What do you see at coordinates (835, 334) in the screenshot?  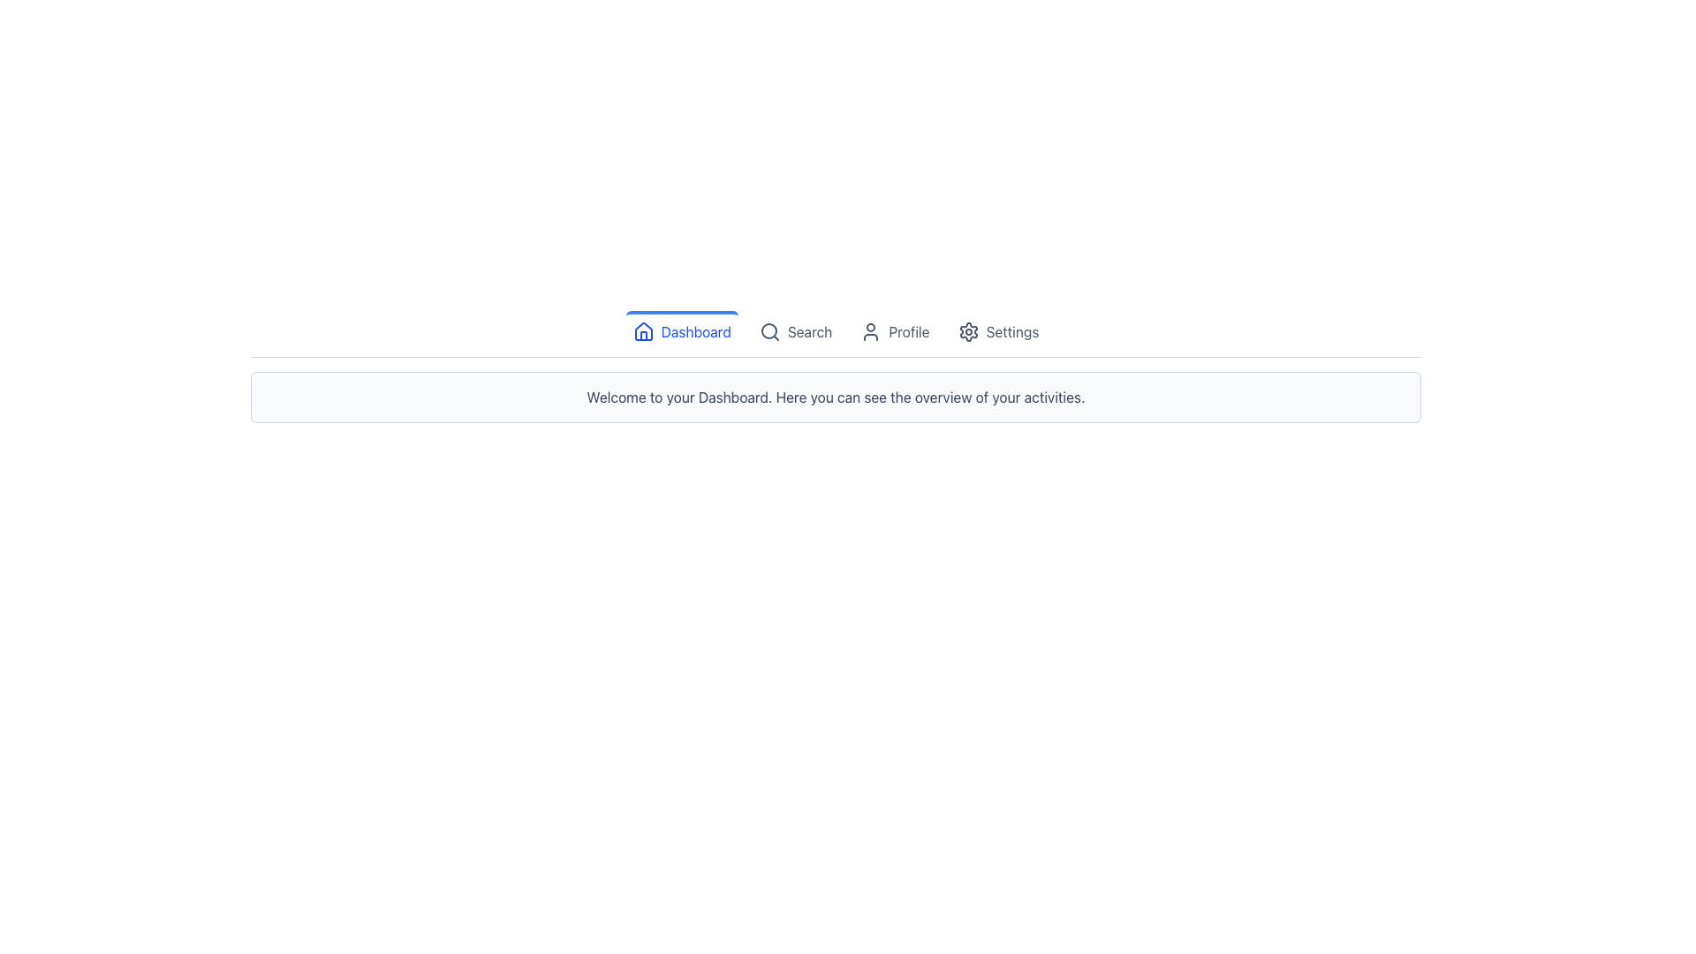 I see `the Navigation Bar tabs` at bounding box center [835, 334].